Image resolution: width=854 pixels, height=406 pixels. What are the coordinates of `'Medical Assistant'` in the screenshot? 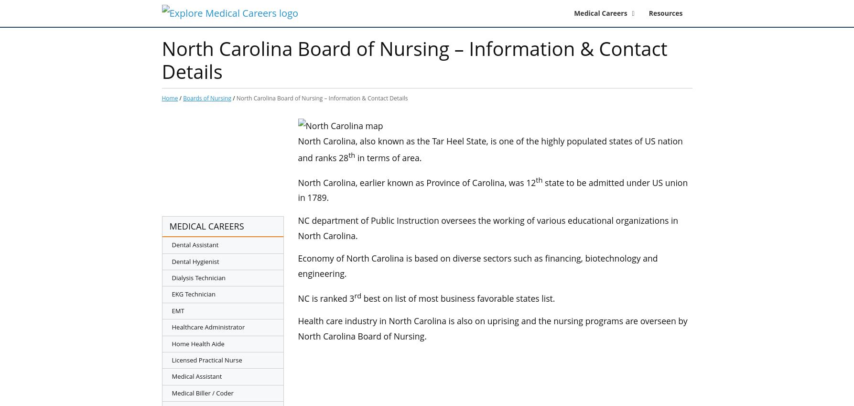 It's located at (196, 376).